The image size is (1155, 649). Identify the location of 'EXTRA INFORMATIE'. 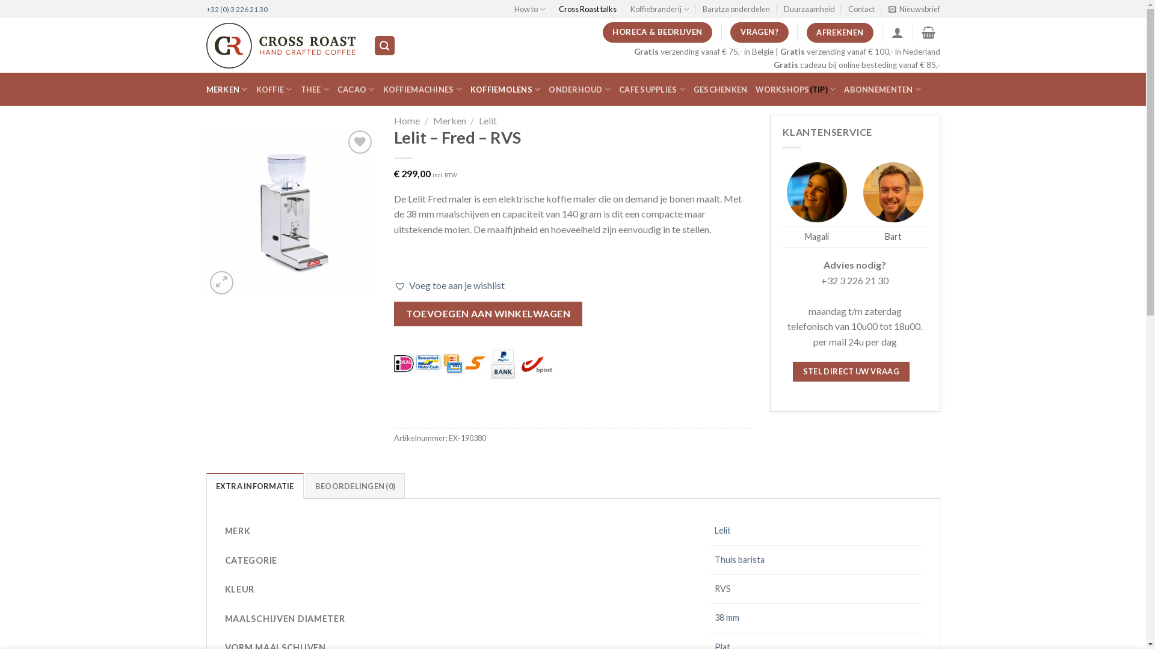
(253, 484).